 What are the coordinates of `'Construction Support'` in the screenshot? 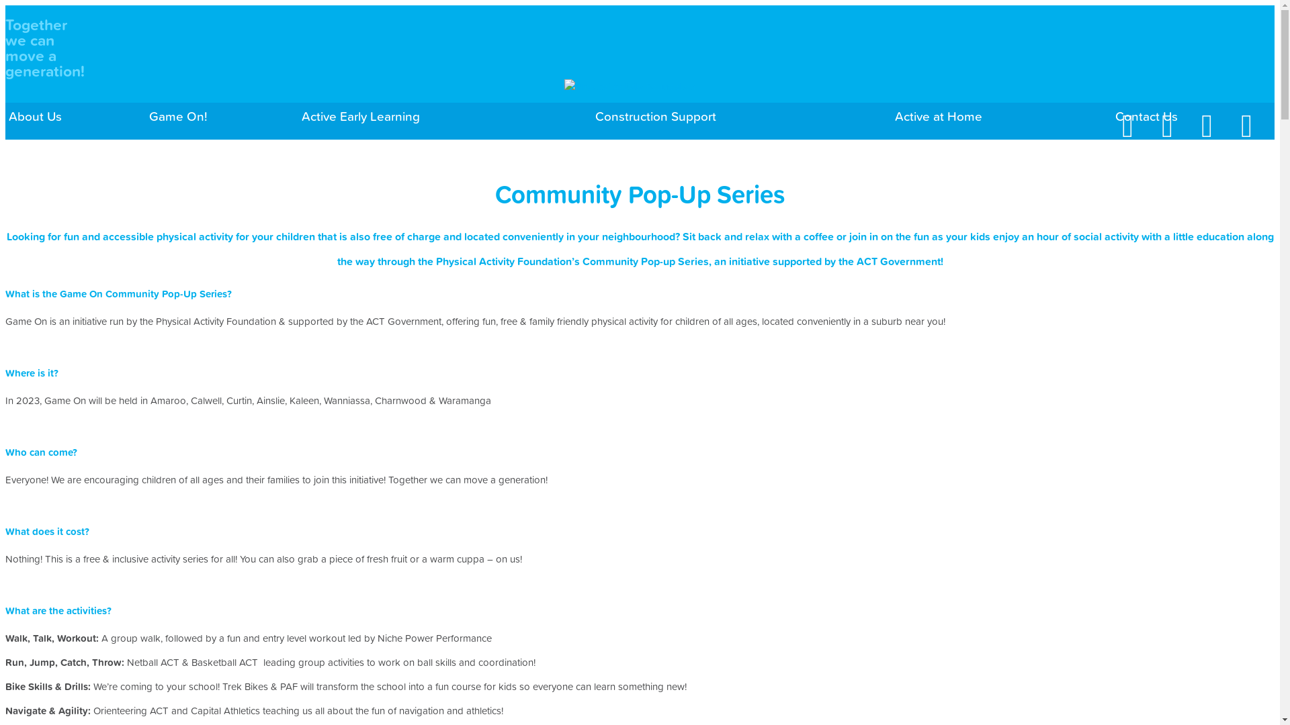 It's located at (655, 115).